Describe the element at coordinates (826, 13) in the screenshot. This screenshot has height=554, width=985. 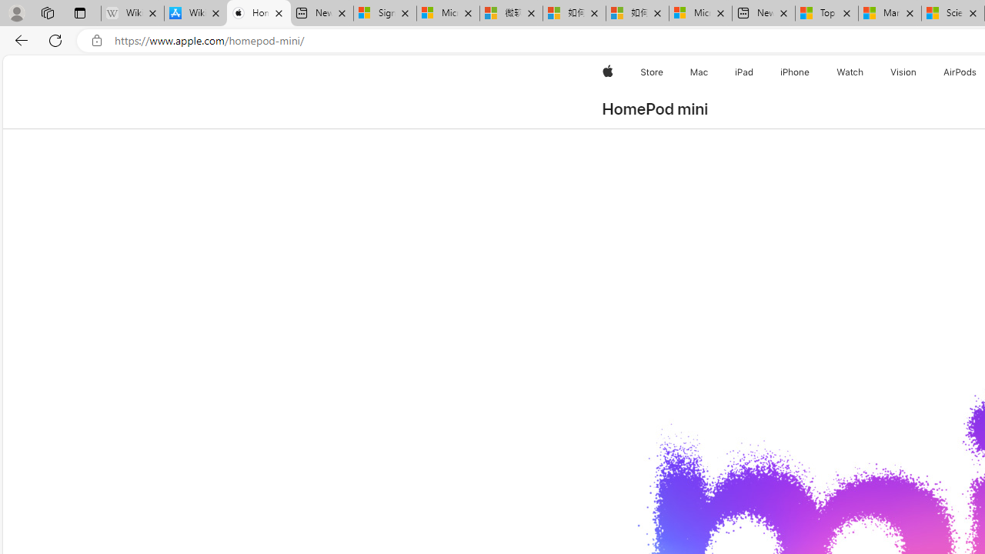
I see `'Top Stories - MSN'` at that location.